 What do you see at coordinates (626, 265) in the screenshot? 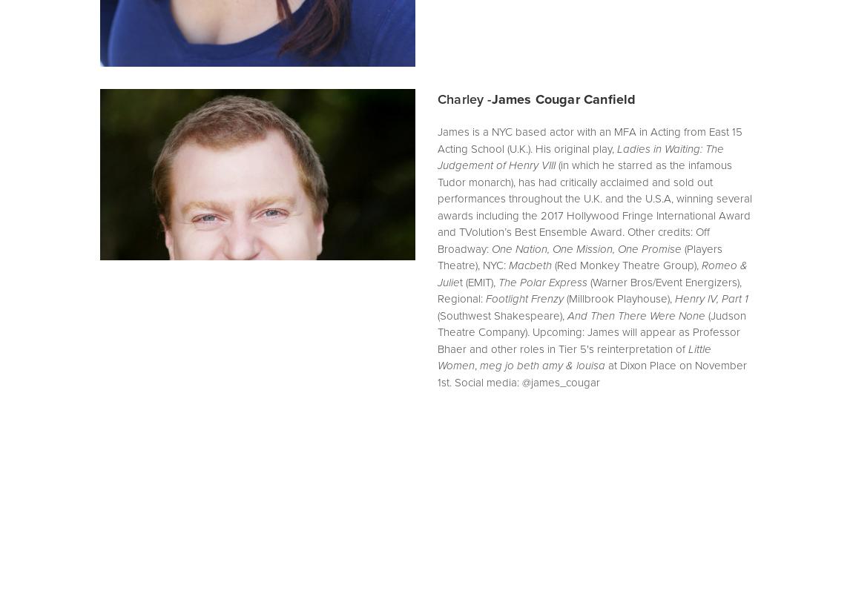
I see `'(Red Monkey Theatre Group),'` at bounding box center [626, 265].